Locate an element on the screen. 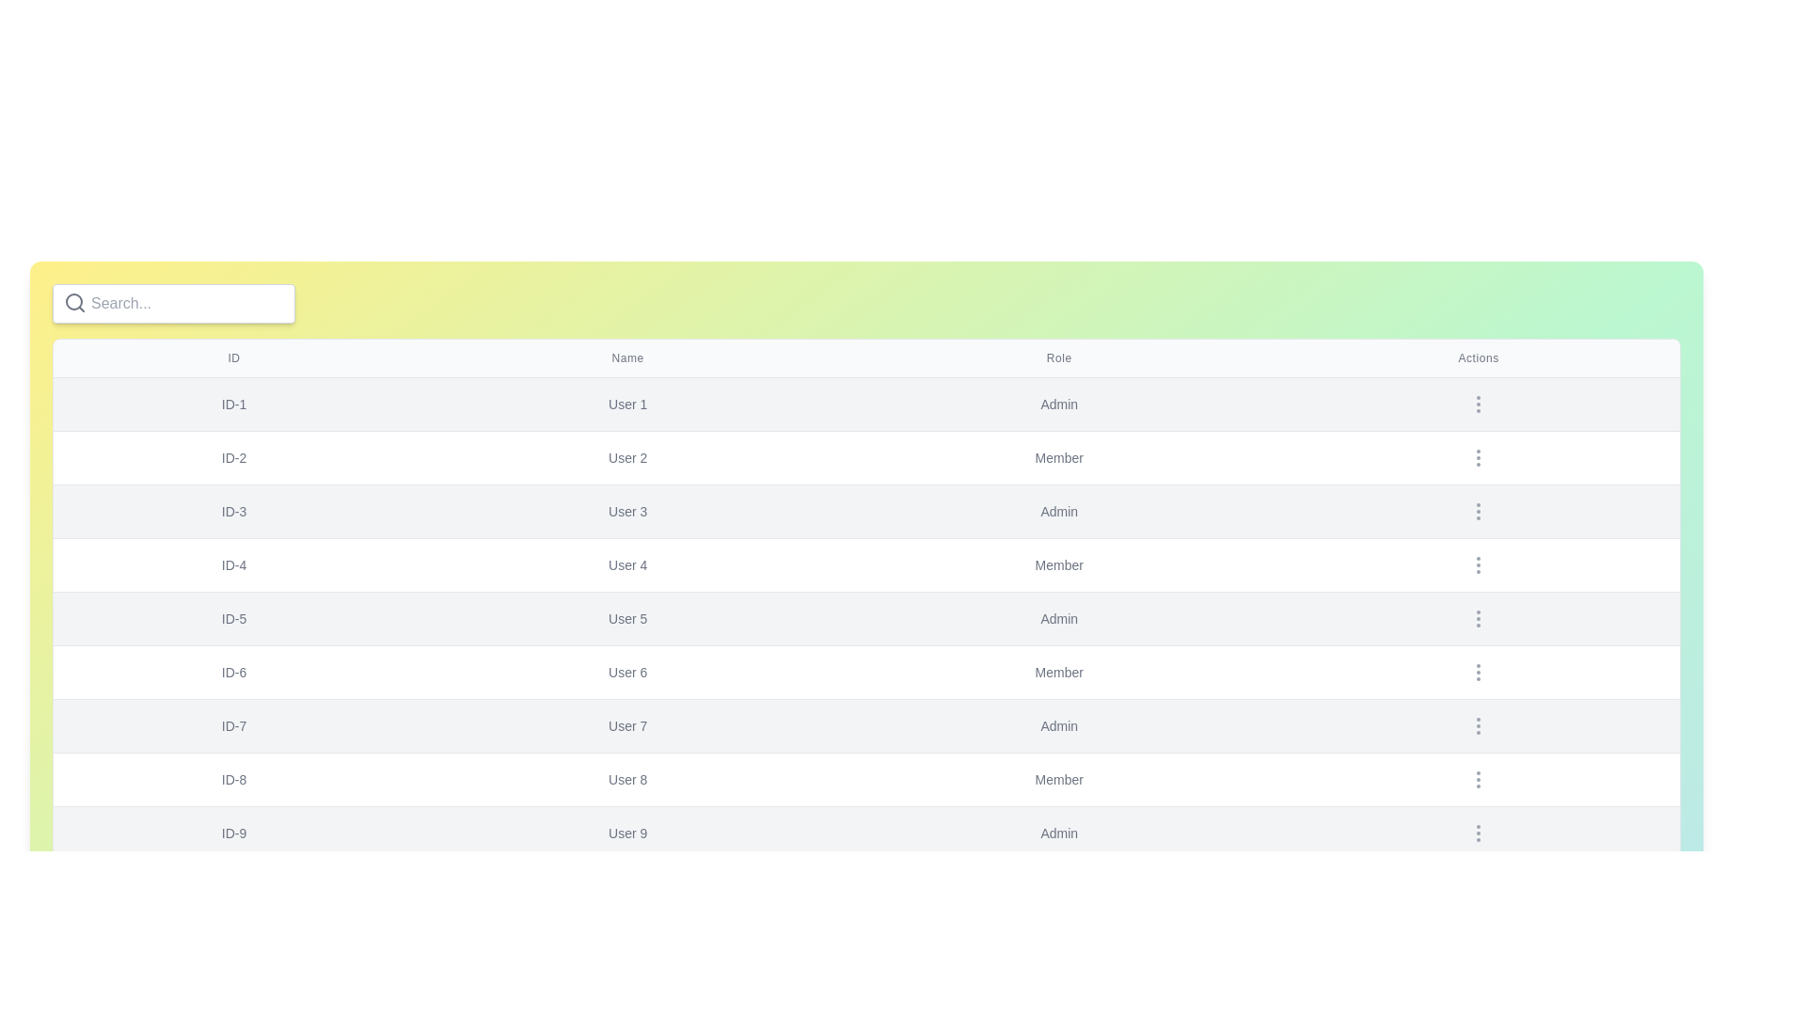  the table header Name to sort the table is located at coordinates (627, 358).